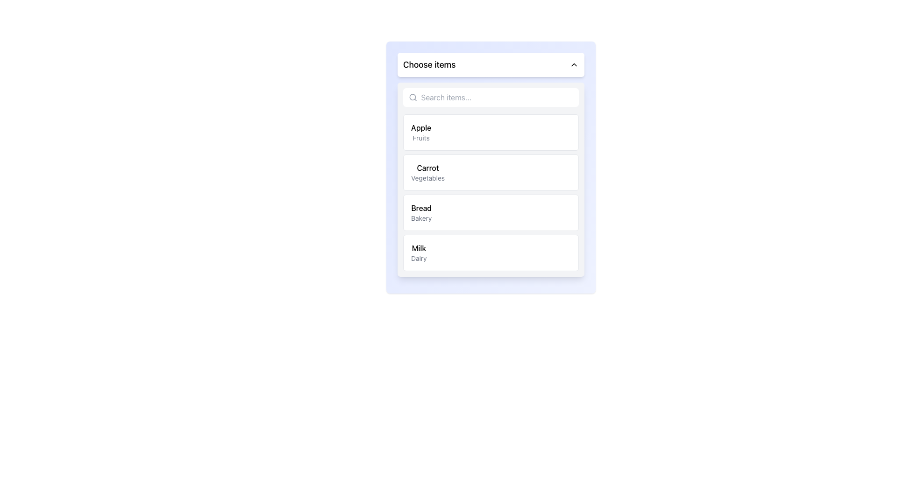 The height and width of the screenshot is (504, 897). I want to click on keyboard navigation, so click(421, 208).